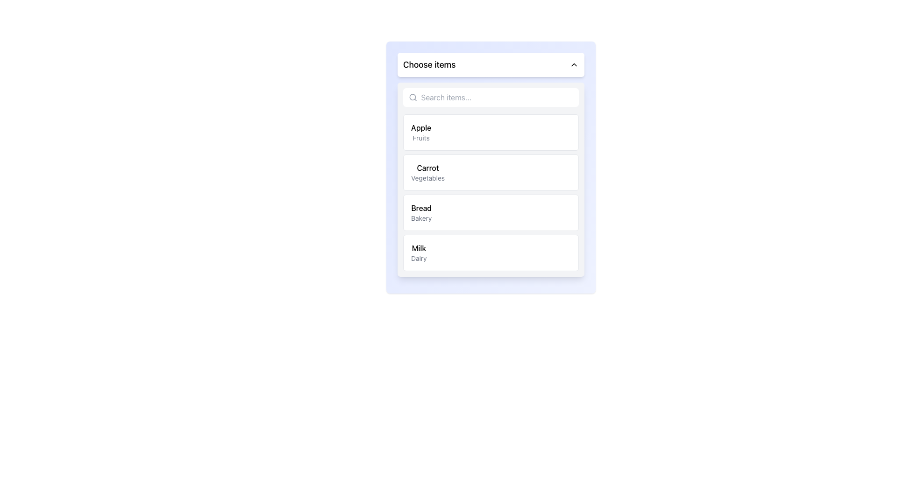 The height and width of the screenshot is (504, 897). I want to click on keyboard navigation, so click(421, 208).